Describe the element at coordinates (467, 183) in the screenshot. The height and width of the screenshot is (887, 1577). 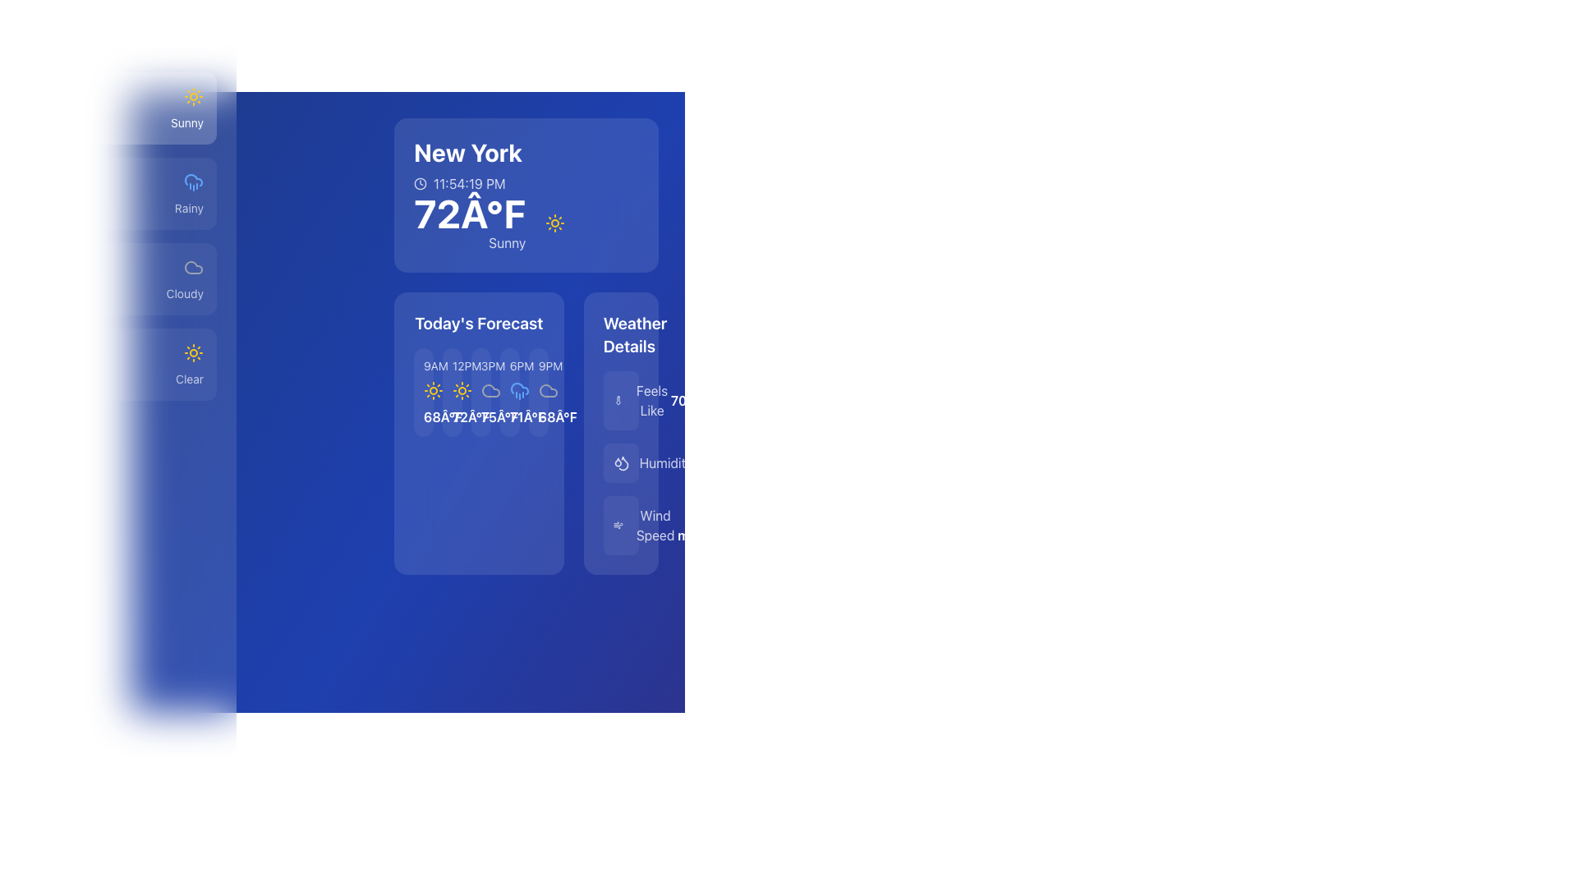
I see `the static text label displaying the current time for New York, located beneath the 'New York' text and to the right of the clock icon` at that location.